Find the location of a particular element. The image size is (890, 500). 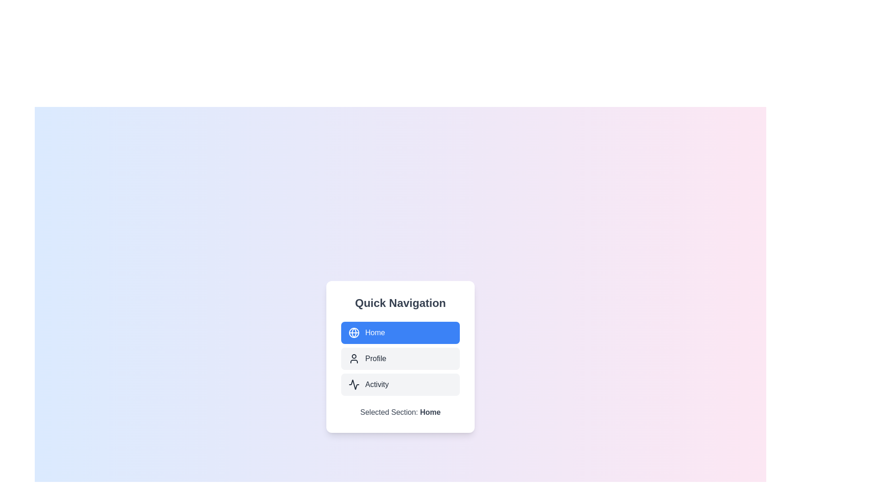

the third item in the vertical navigation menu, which is a text label that serves as a navigation option, positioned beneath the 'Profile' option and above the 'Selected Section' label is located at coordinates (377, 384).